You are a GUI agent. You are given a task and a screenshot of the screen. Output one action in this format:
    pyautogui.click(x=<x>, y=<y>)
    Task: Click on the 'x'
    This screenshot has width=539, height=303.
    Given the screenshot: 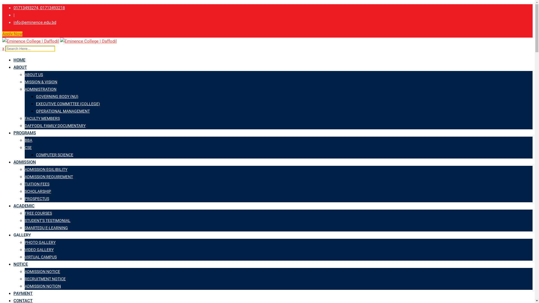 What is the action you would take?
    pyautogui.click(x=3, y=48)
    